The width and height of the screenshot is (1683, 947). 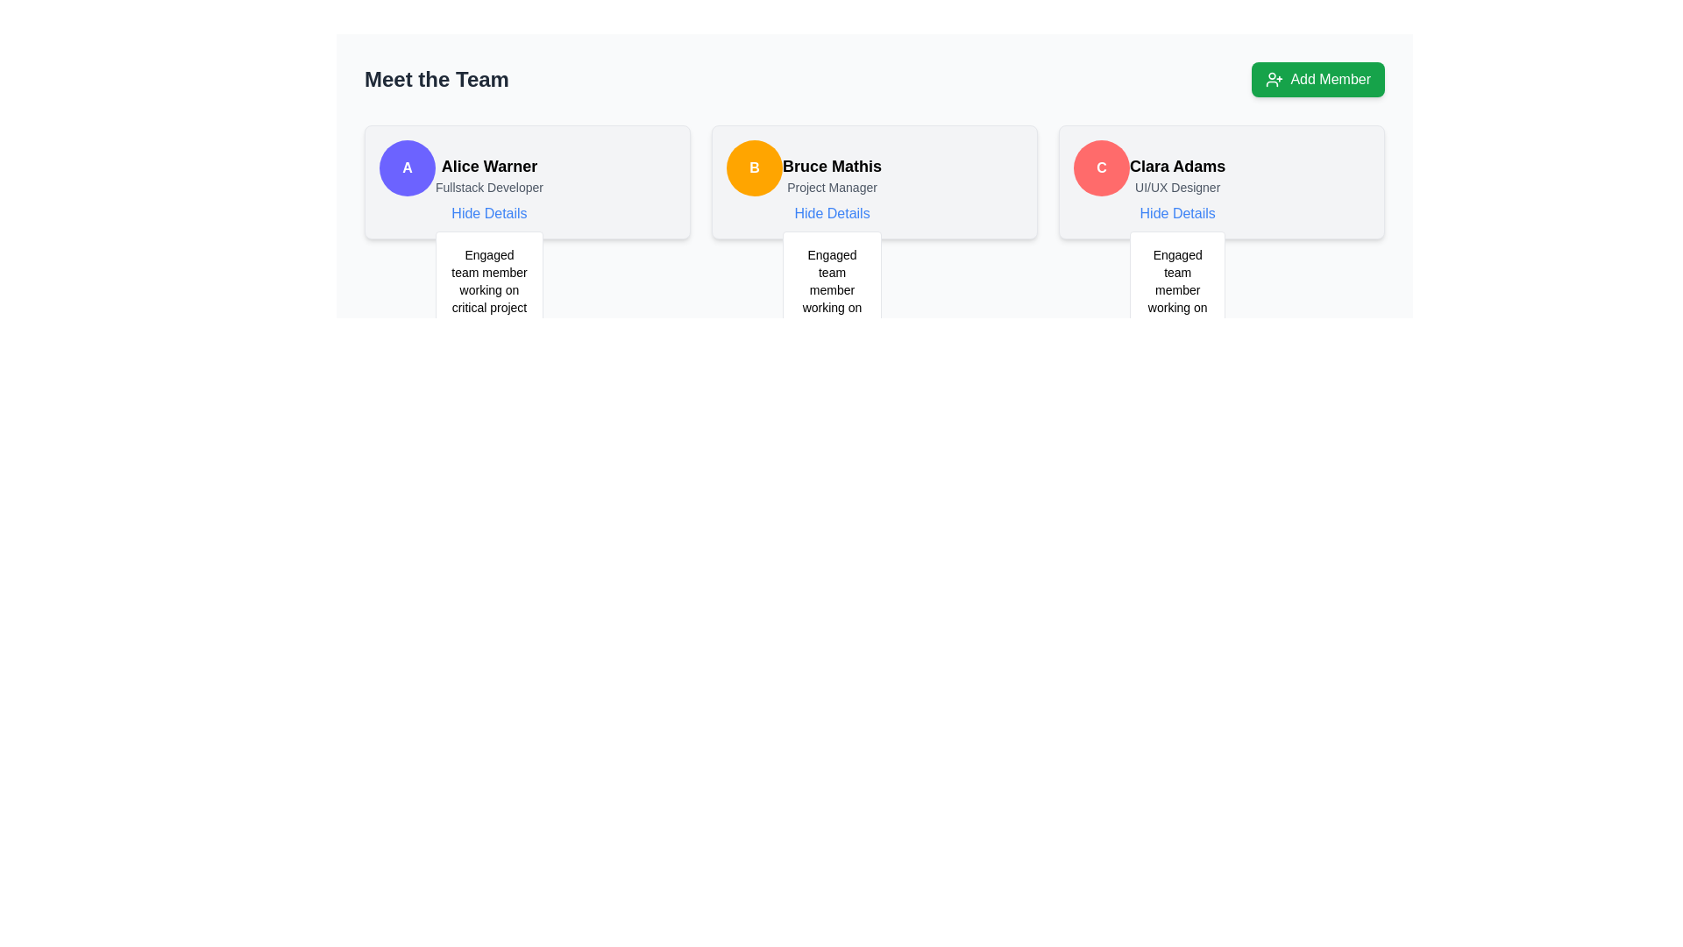 What do you see at coordinates (1177, 189) in the screenshot?
I see `profile information displayed in the Profile Information Block for Clara Adams, which includes her name, role, and a 'Hide Details' link` at bounding box center [1177, 189].